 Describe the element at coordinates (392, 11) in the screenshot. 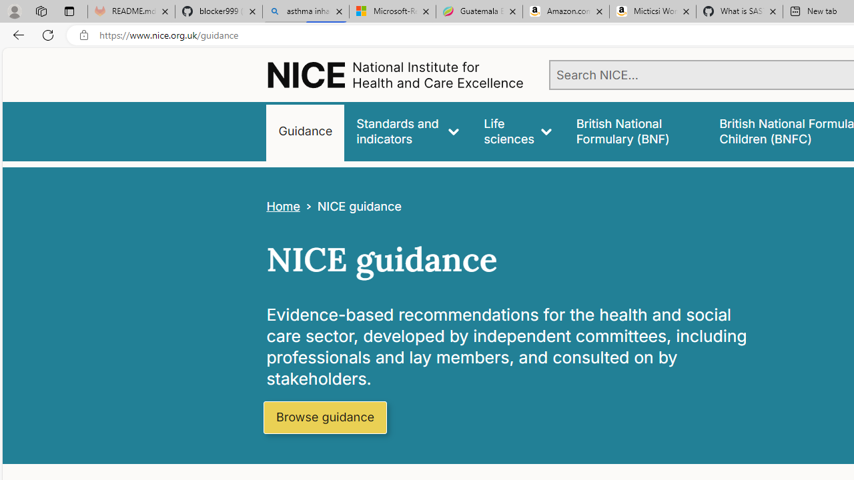

I see `'Microsoft-Report a Concern to Bing'` at that location.